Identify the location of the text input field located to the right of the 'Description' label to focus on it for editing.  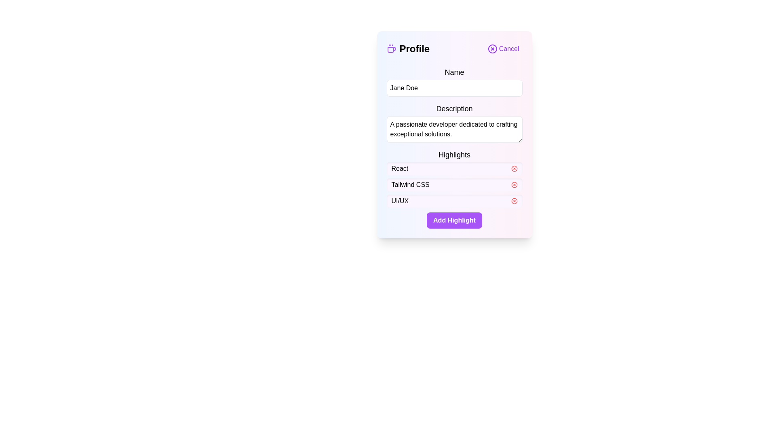
(454, 129).